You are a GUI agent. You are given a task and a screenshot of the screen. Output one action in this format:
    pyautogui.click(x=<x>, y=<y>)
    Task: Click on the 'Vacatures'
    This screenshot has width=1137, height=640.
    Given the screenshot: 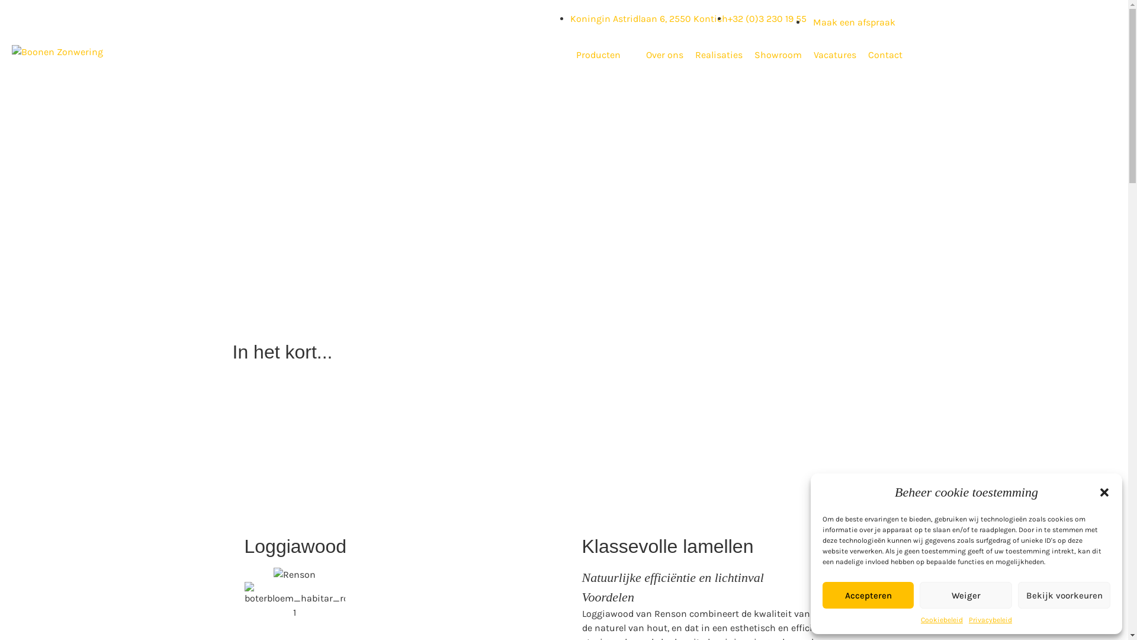 What is the action you would take?
    pyautogui.click(x=834, y=55)
    